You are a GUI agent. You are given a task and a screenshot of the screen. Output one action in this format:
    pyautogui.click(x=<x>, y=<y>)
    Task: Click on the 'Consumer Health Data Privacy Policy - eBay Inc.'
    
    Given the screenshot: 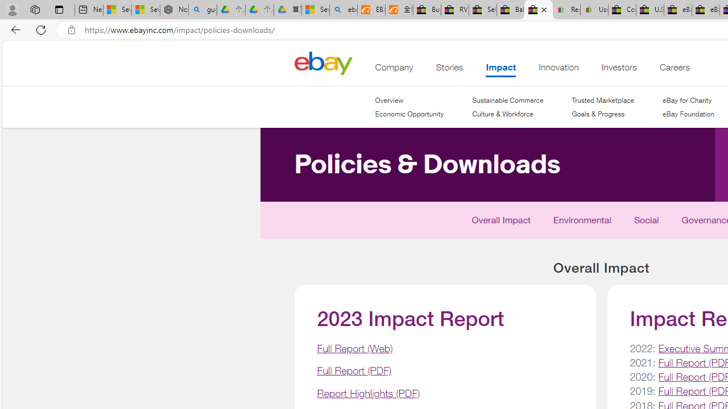 What is the action you would take?
    pyautogui.click(x=621, y=10)
    